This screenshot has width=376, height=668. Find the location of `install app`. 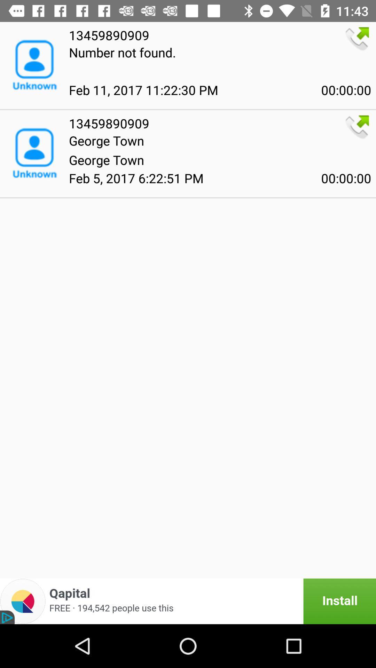

install app is located at coordinates (188, 601).